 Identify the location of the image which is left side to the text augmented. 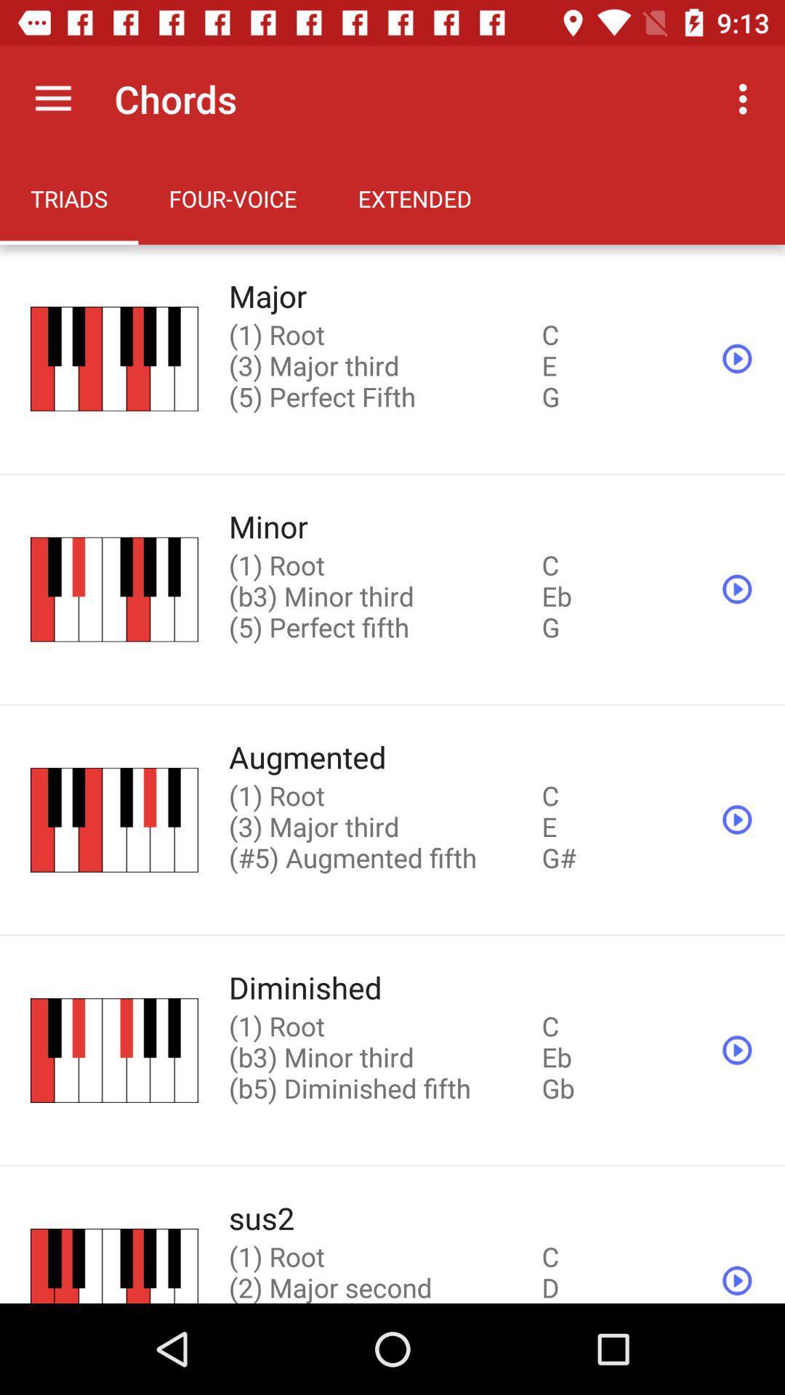
(113, 820).